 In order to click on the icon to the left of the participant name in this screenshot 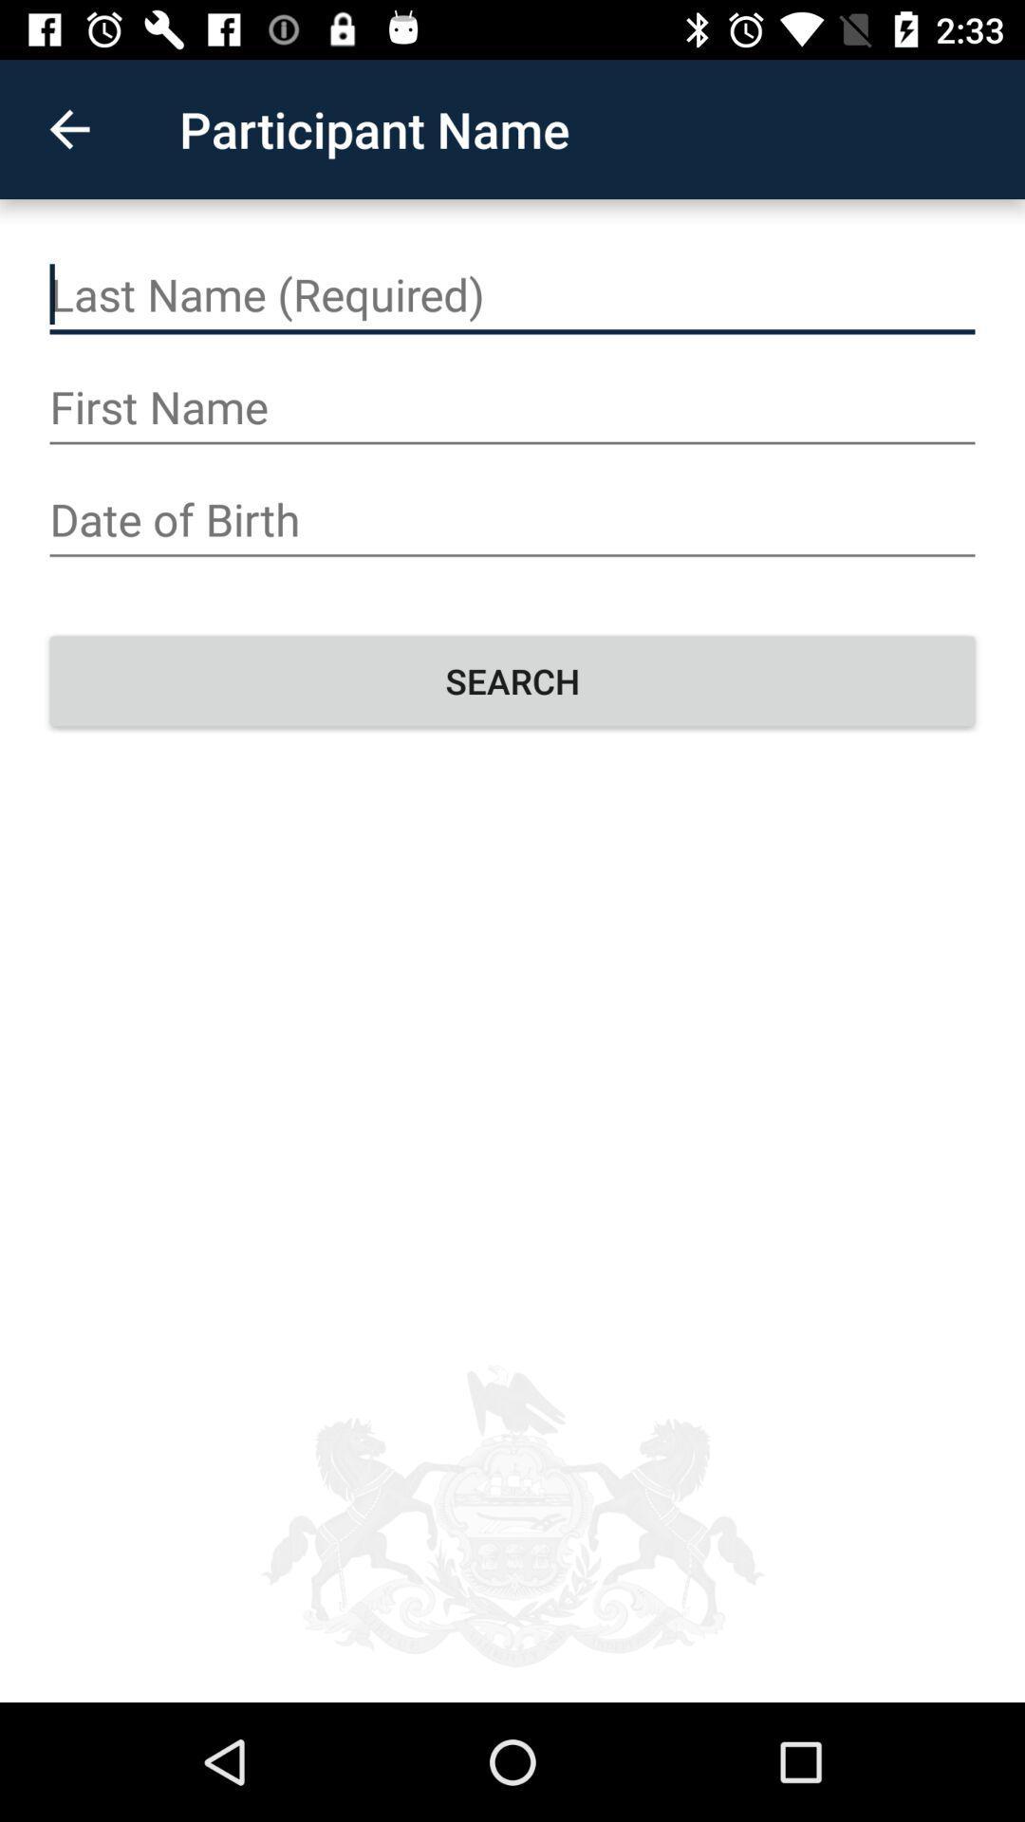, I will do `click(68, 128)`.